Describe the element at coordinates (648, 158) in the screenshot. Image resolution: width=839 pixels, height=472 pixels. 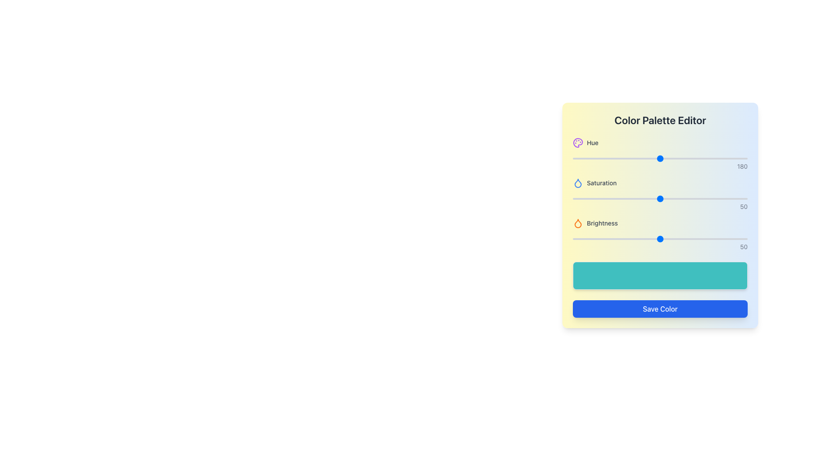
I see `hue` at that location.